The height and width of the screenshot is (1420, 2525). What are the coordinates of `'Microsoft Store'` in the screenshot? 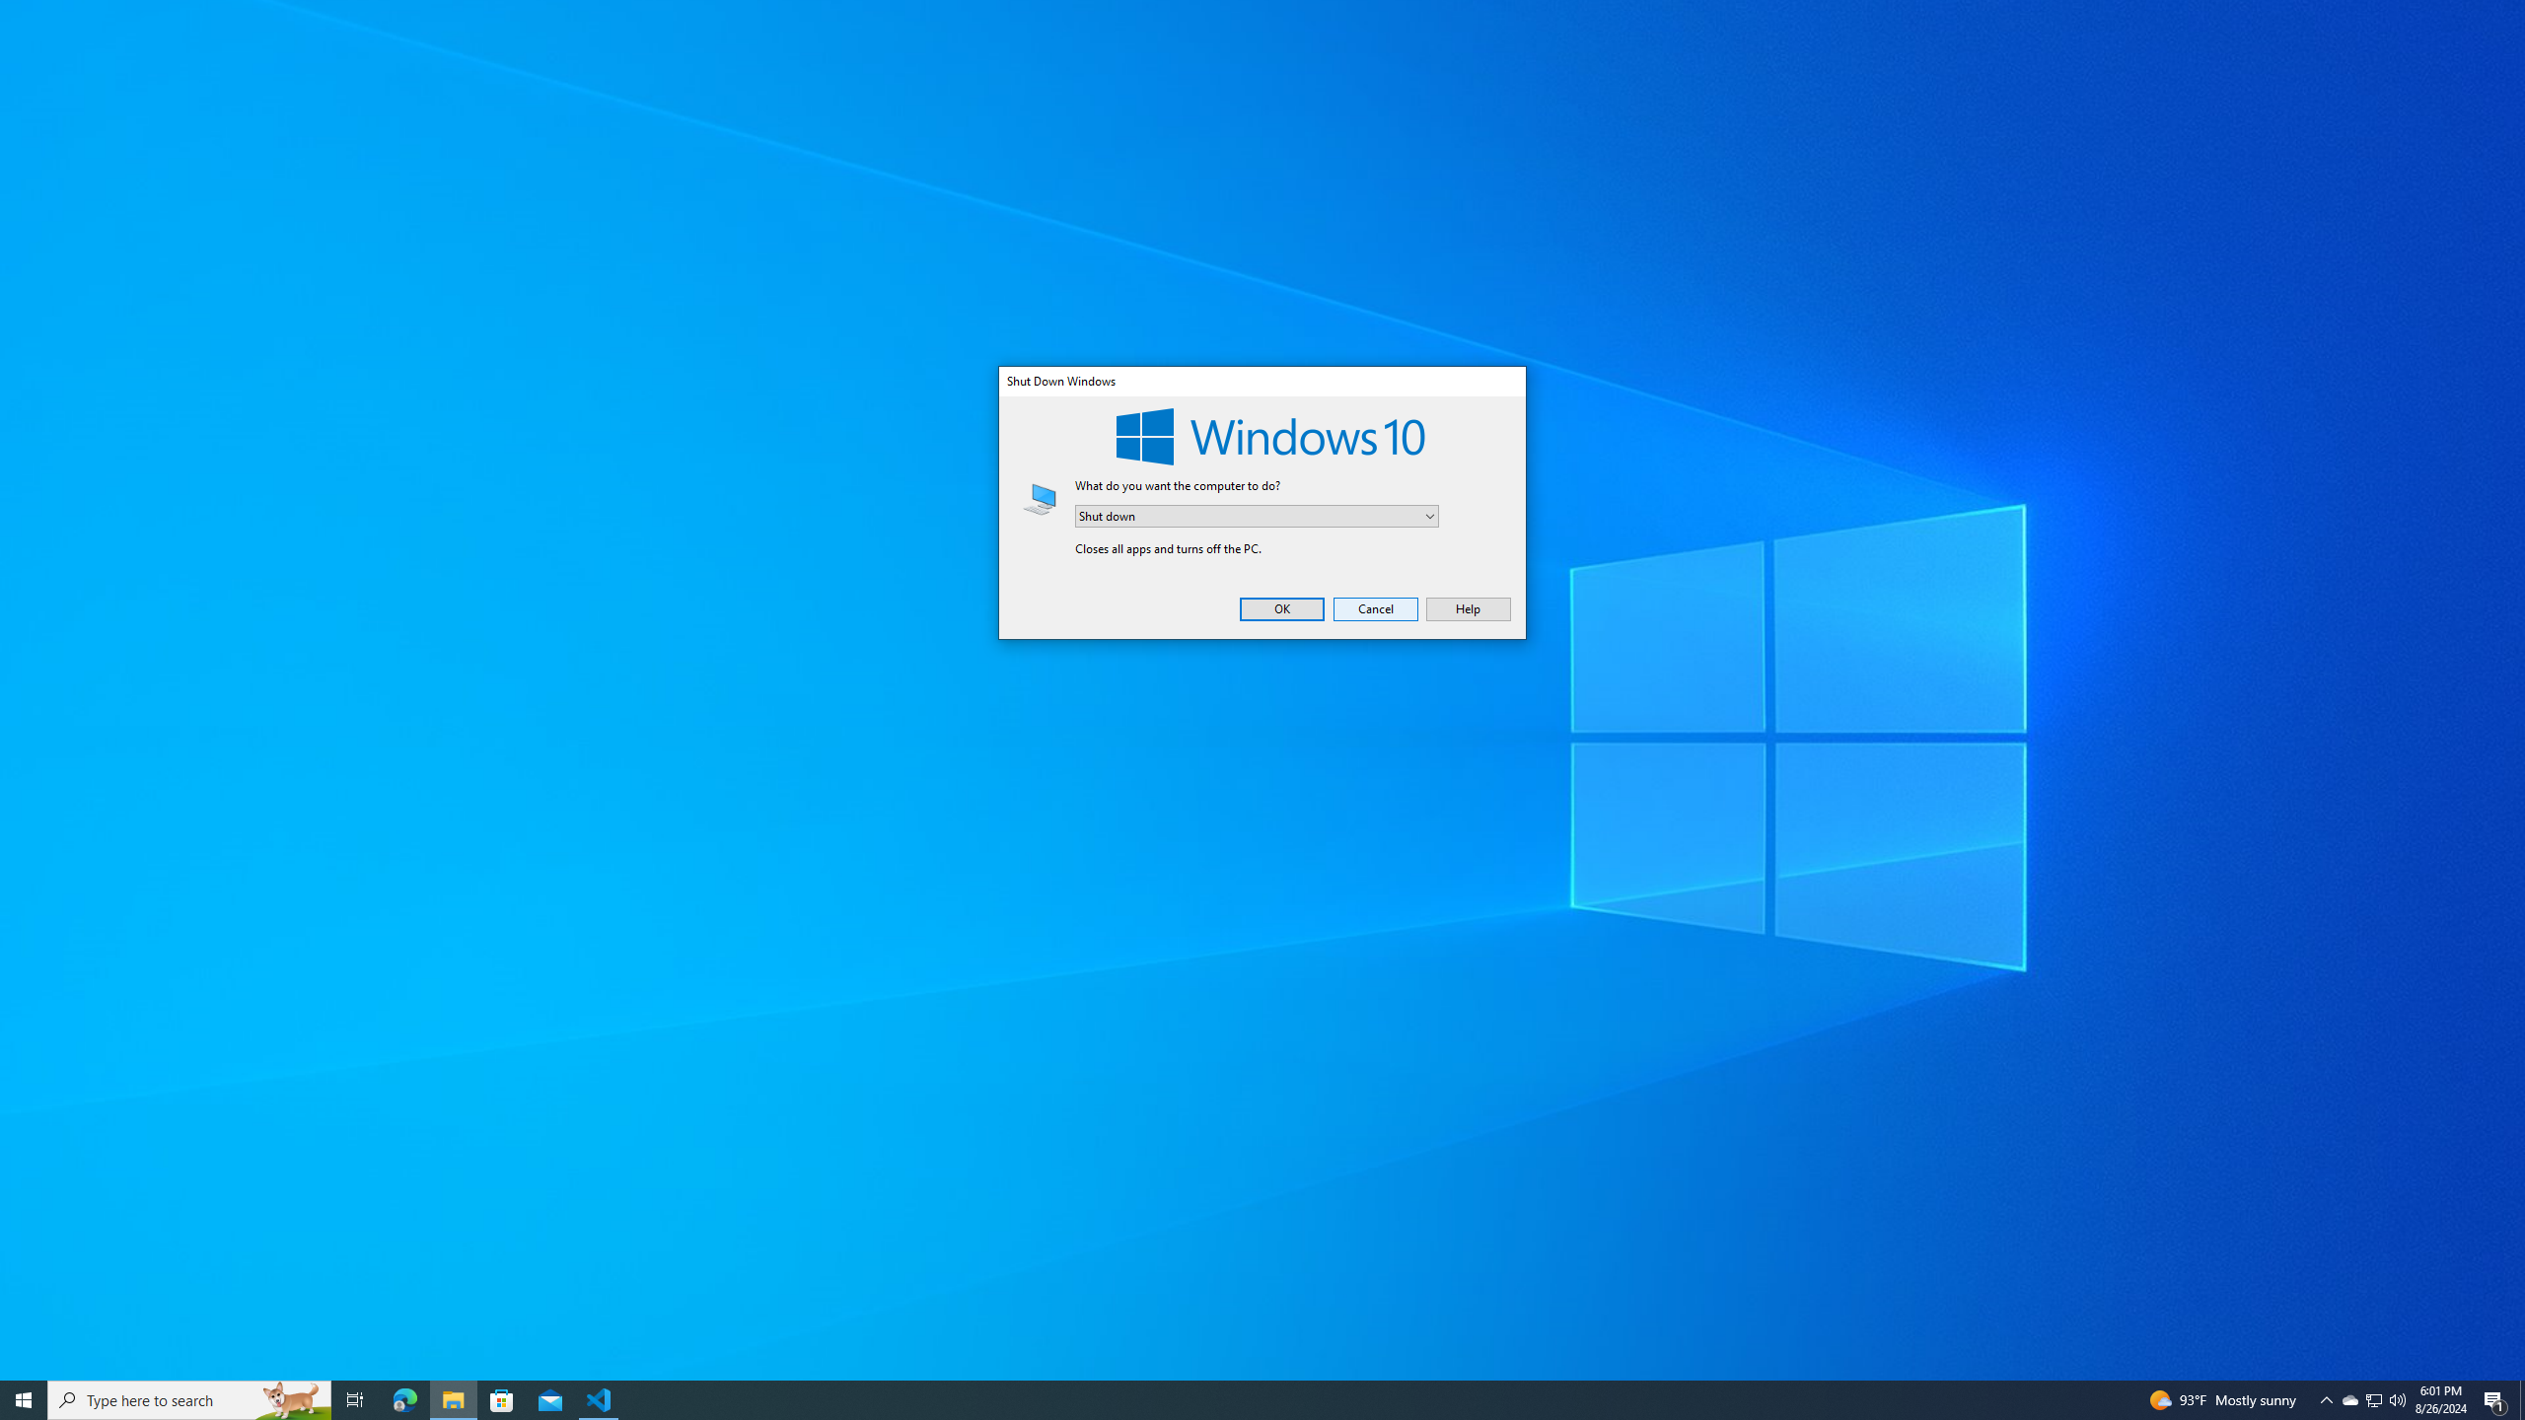 It's located at (502, 1398).